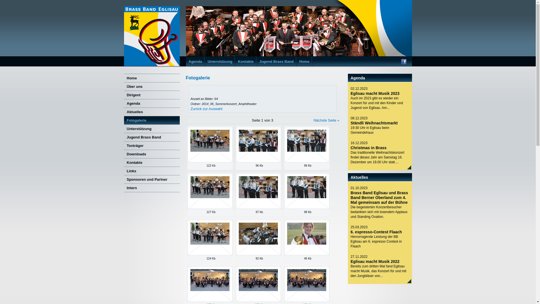 Image resolution: width=540 pixels, height=304 pixels. I want to click on 'Links', so click(151, 170).